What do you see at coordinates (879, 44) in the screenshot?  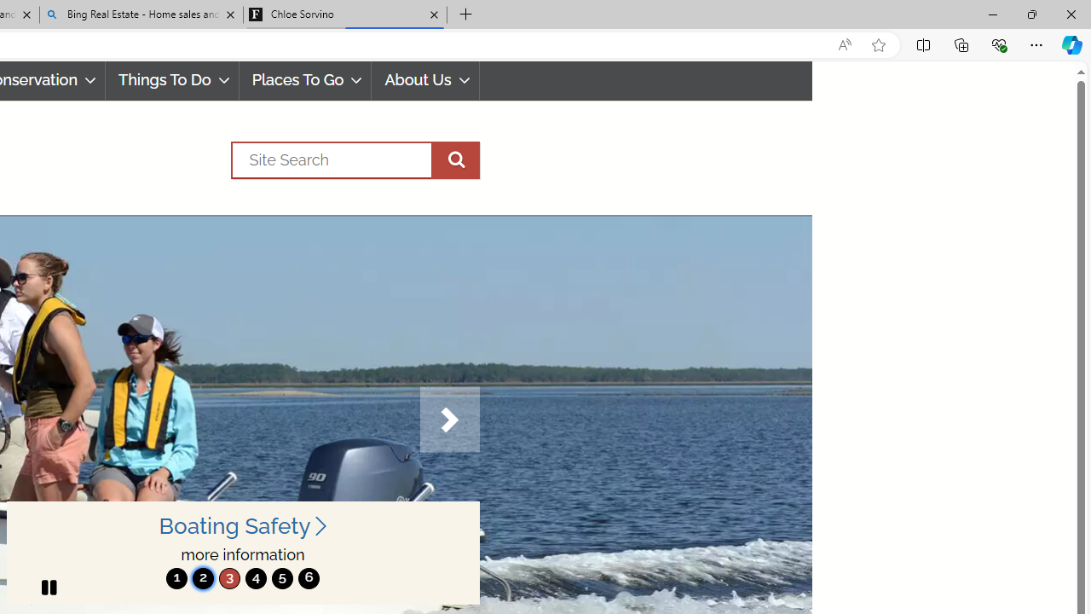 I see `'Add this page to favorites (Ctrl+D)'` at bounding box center [879, 44].